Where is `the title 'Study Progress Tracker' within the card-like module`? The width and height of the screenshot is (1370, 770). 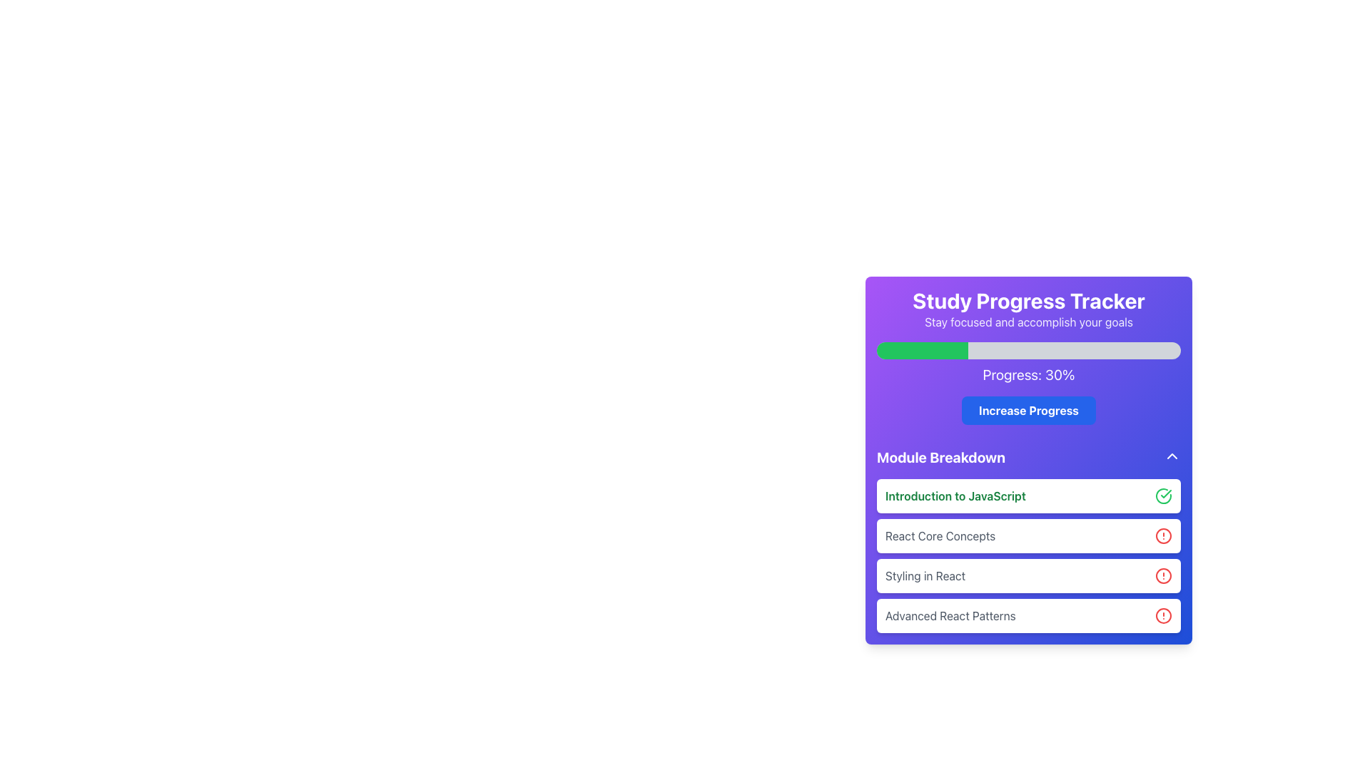 the title 'Study Progress Tracker' within the card-like module is located at coordinates (1028, 460).